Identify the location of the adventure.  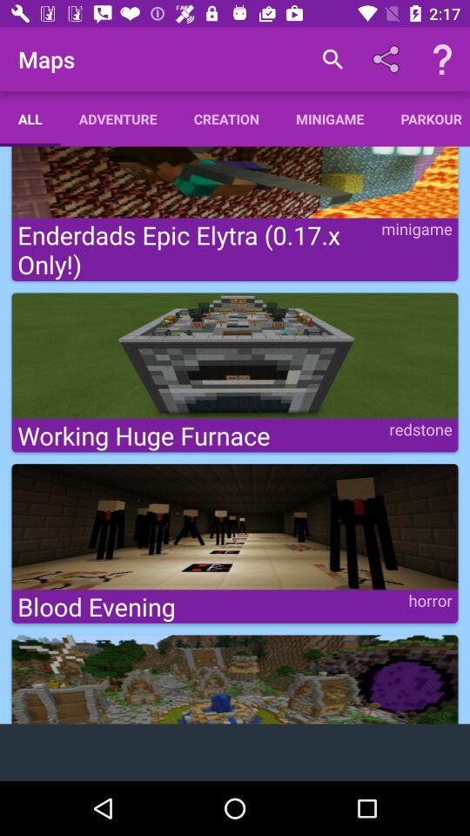
(117, 118).